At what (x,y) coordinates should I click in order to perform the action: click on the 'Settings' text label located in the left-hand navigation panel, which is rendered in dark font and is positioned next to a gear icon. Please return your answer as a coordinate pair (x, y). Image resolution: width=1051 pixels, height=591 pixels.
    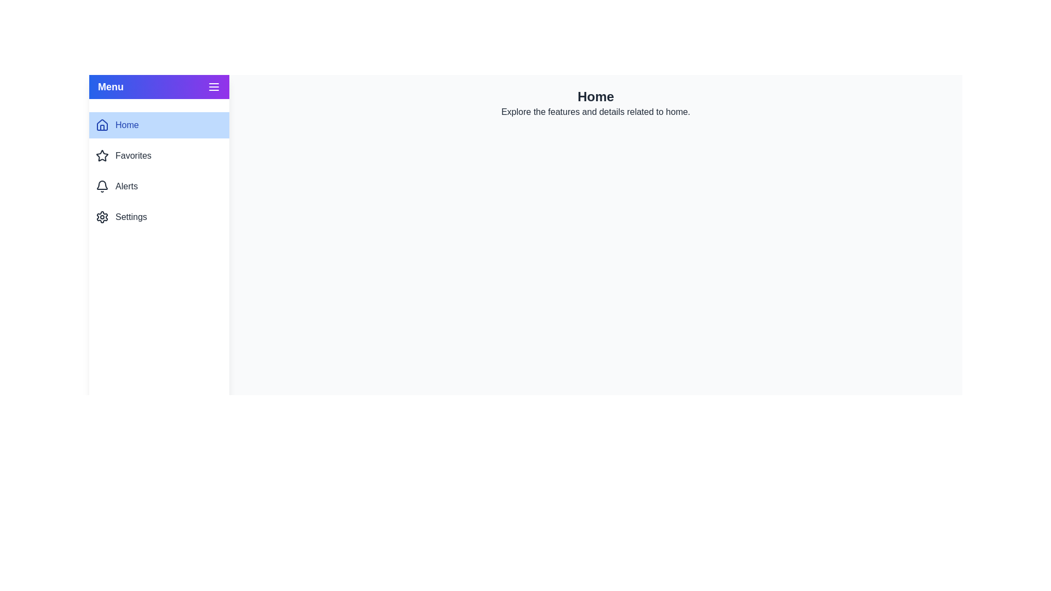
    Looking at the image, I should click on (131, 217).